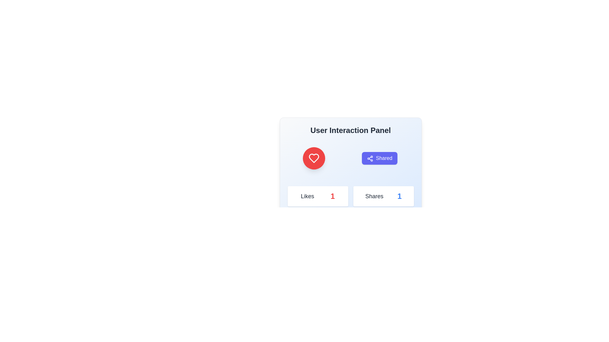 The image size is (609, 342). What do you see at coordinates (370, 158) in the screenshot?
I see `the share icon within the 'Shared' button, which is represented by three dots connected by lines and has a white color on a purple background` at bounding box center [370, 158].